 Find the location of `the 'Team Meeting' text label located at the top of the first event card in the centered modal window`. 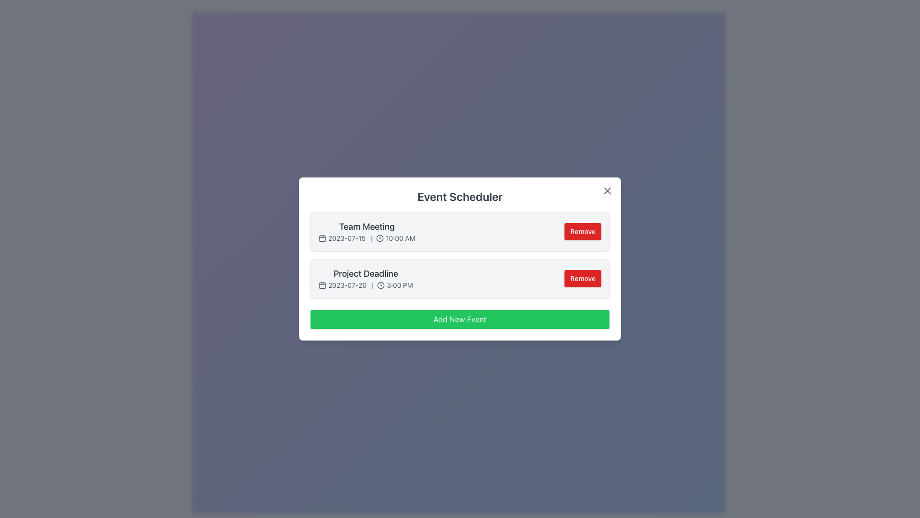

the 'Team Meeting' text label located at the top of the first event card in the centered modal window is located at coordinates (366, 227).